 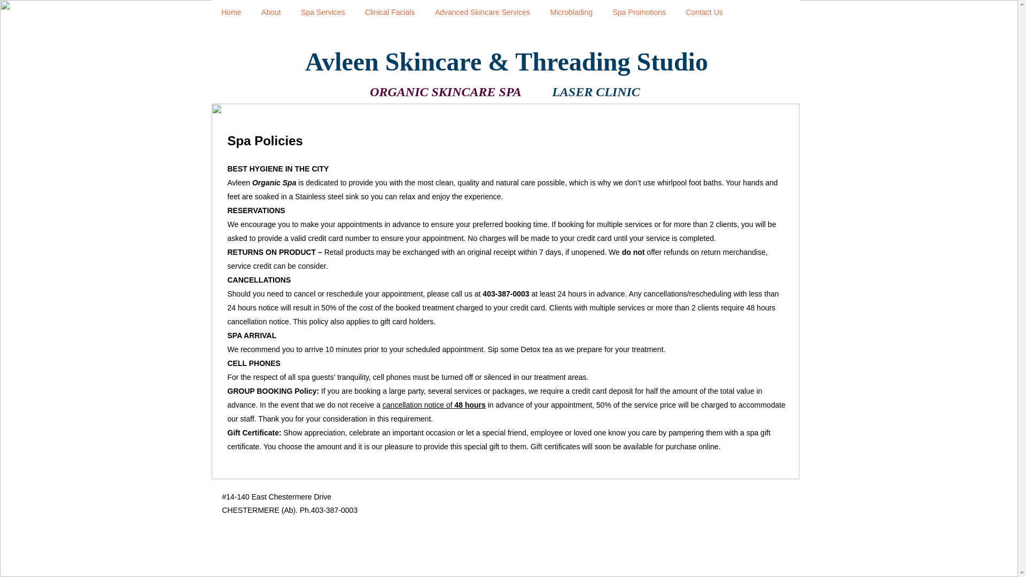 I want to click on 'Clinical Facials', so click(x=389, y=12).